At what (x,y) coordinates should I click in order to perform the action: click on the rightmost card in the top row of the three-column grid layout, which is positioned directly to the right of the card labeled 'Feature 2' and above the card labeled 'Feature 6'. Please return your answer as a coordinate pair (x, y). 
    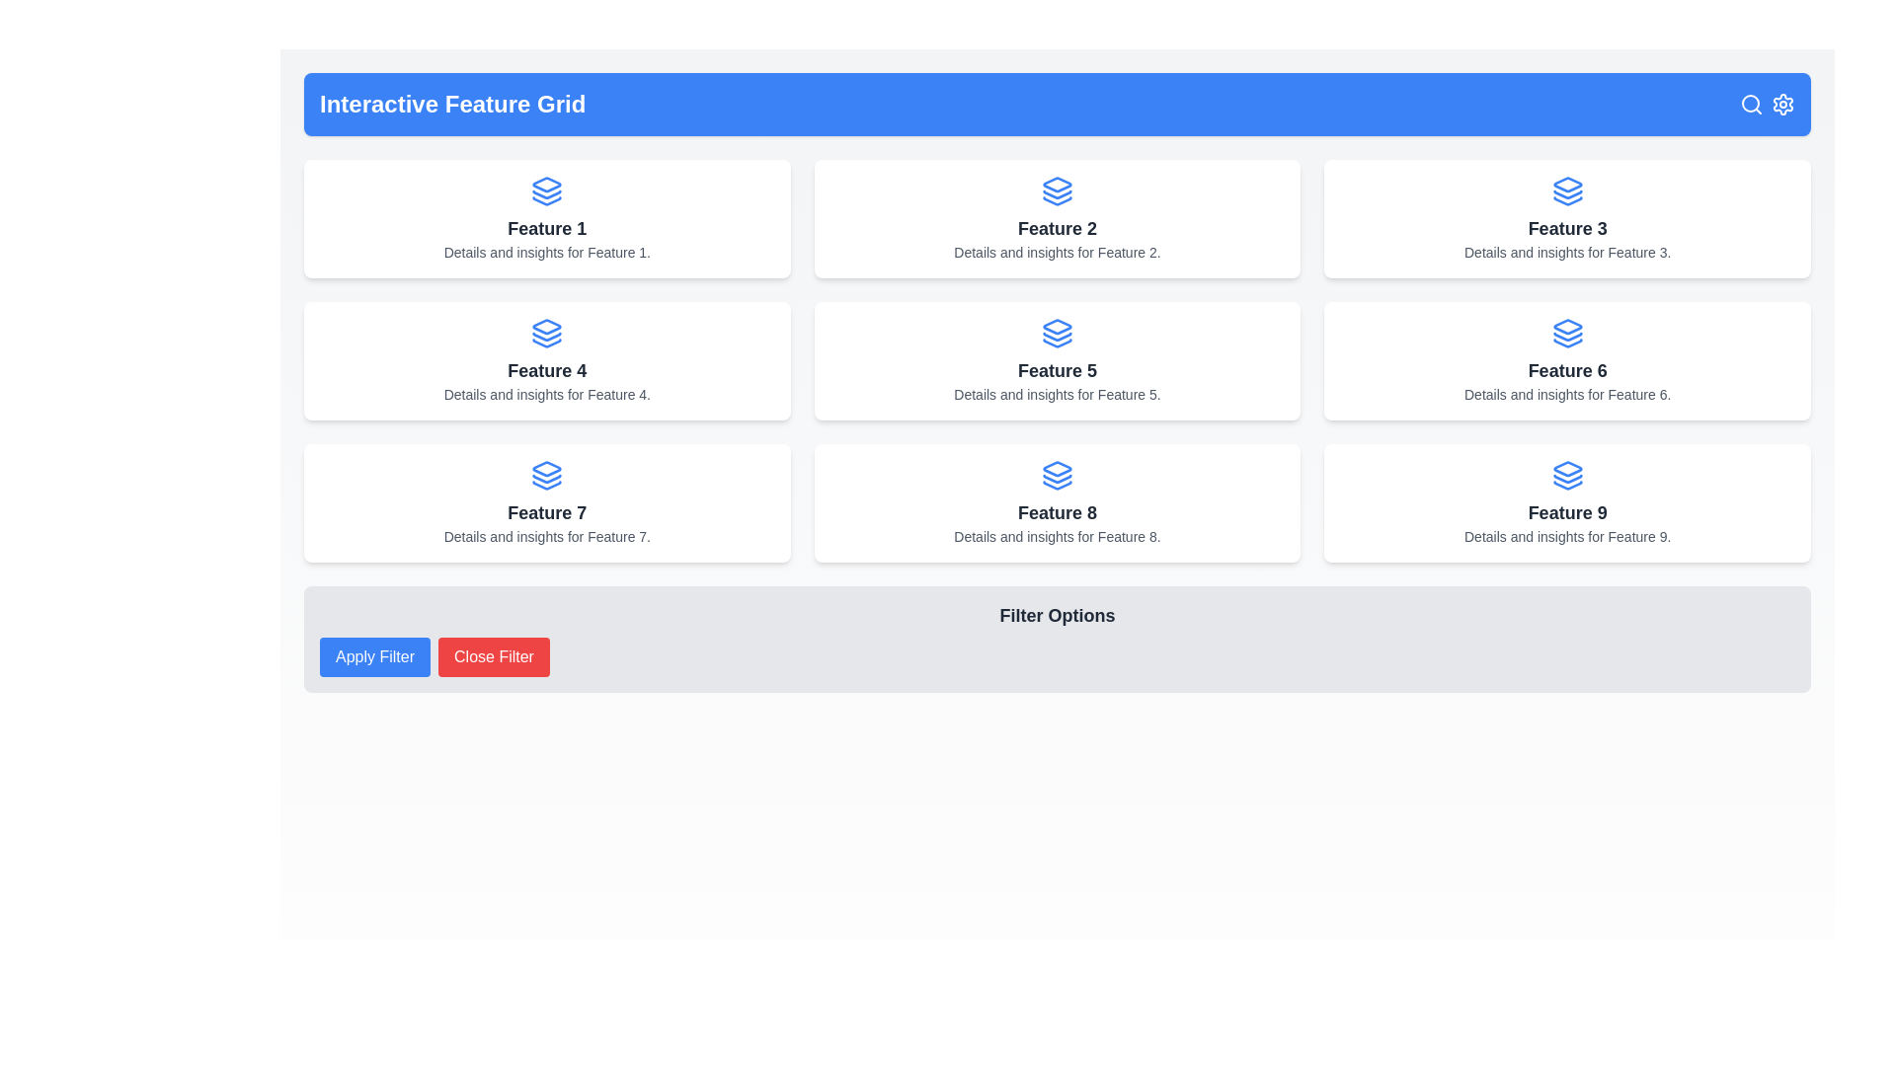
    Looking at the image, I should click on (1566, 219).